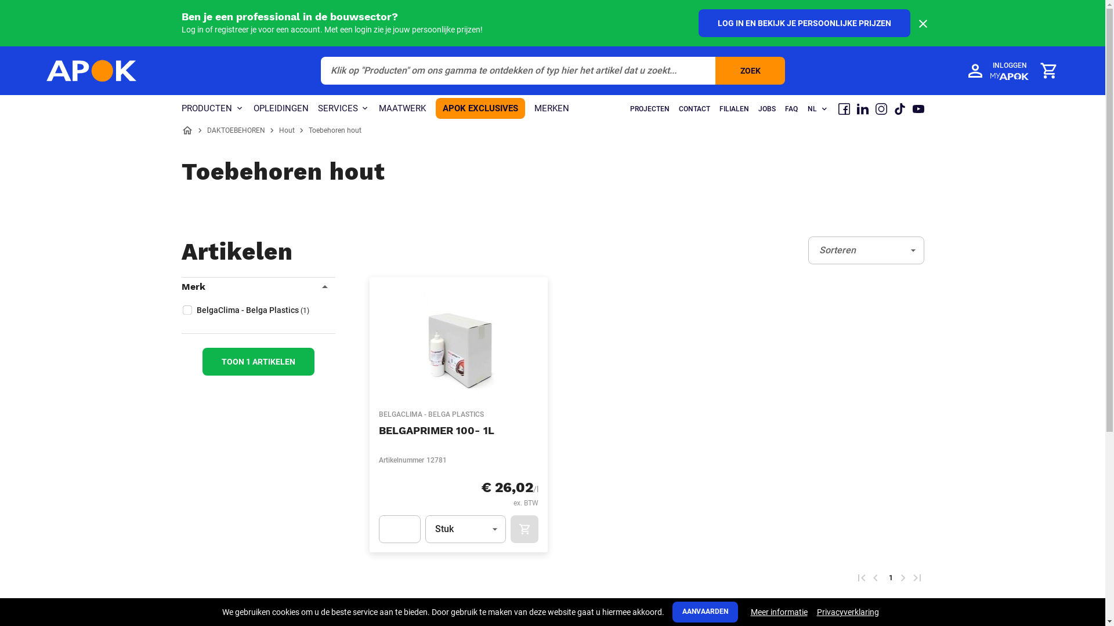  Describe the element at coordinates (649, 109) in the screenshot. I see `'PROJECTEN'` at that location.